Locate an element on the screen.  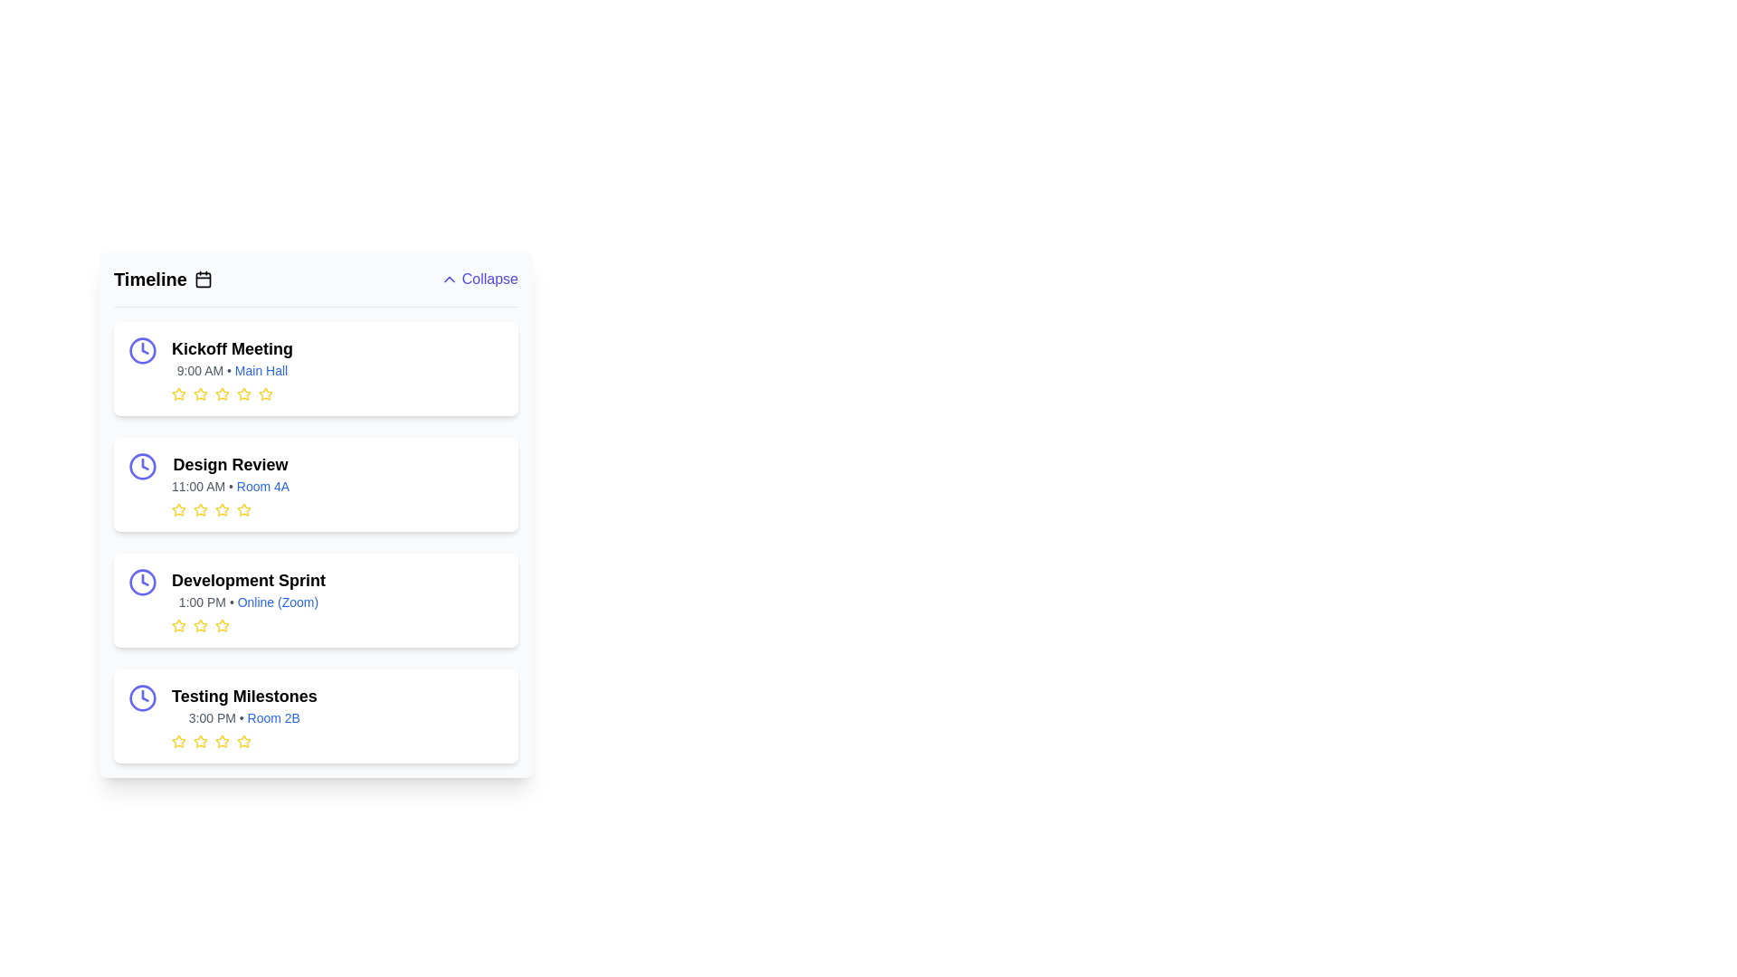
the event details card for 'Kickoff Meeting' at 9:00 AM located in the Main Hall is located at coordinates (316, 368).